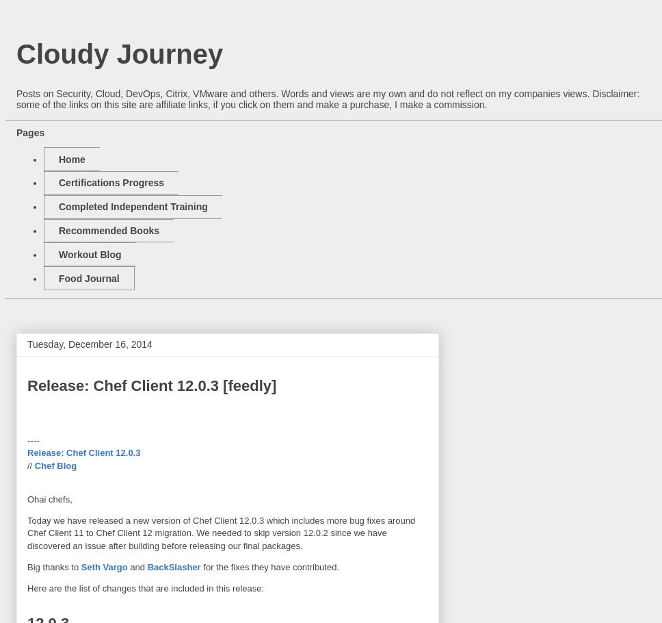 The width and height of the screenshot is (662, 623). What do you see at coordinates (30, 464) in the screenshot?
I see `'//'` at bounding box center [30, 464].